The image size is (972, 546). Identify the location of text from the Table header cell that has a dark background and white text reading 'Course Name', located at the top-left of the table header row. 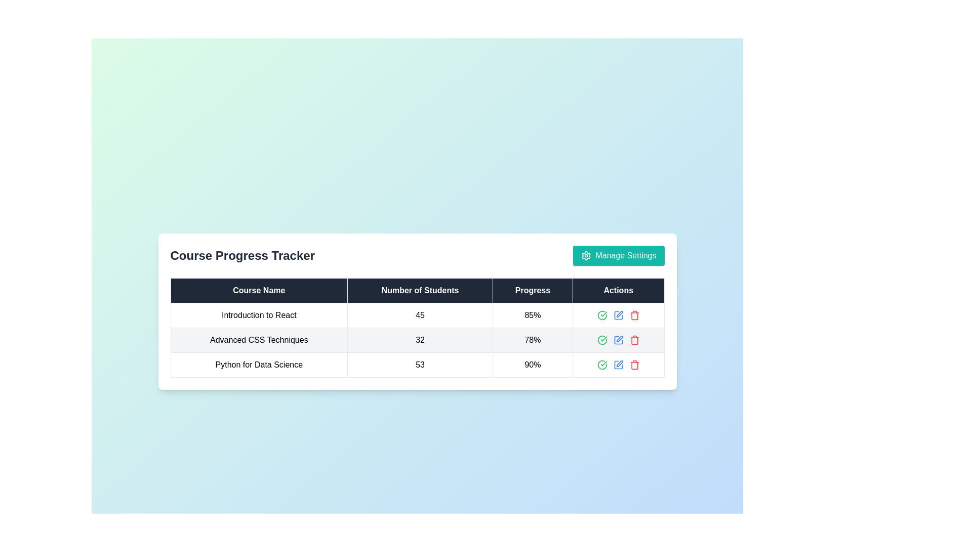
(259, 290).